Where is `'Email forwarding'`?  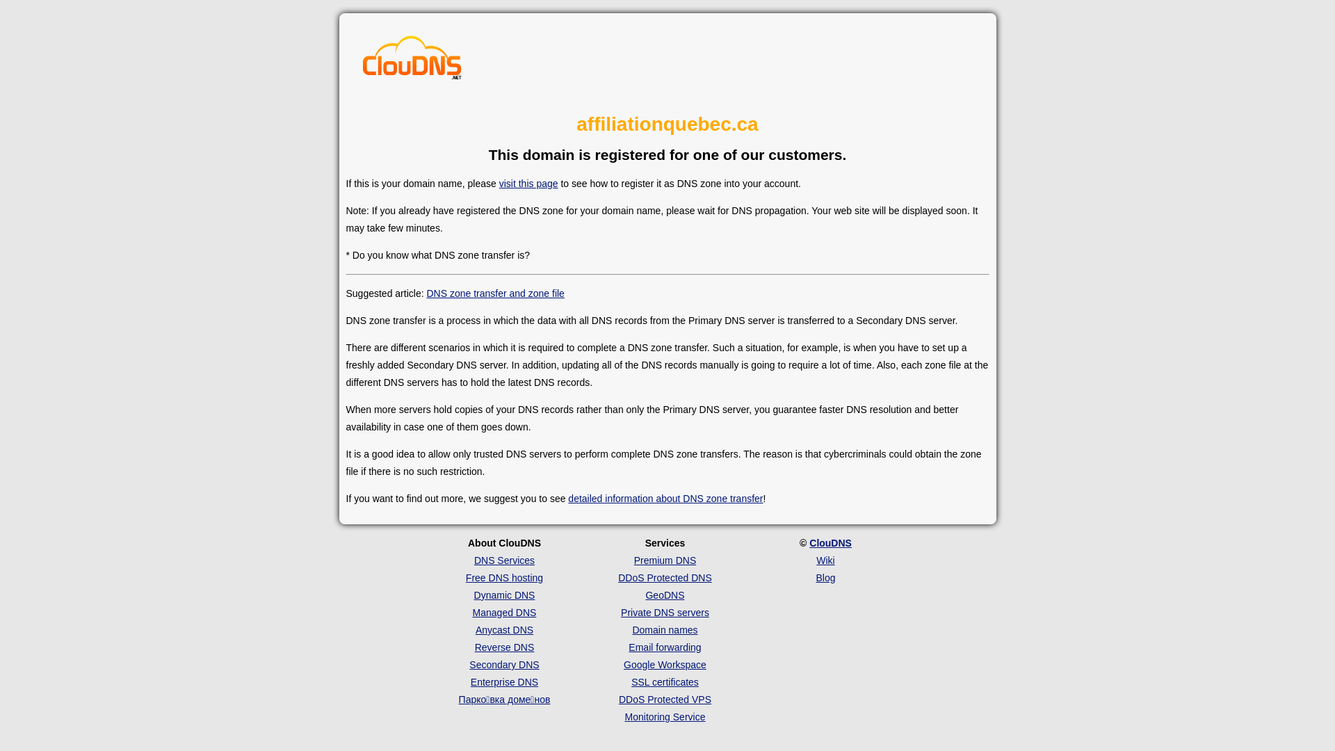
'Email forwarding' is located at coordinates (663, 647).